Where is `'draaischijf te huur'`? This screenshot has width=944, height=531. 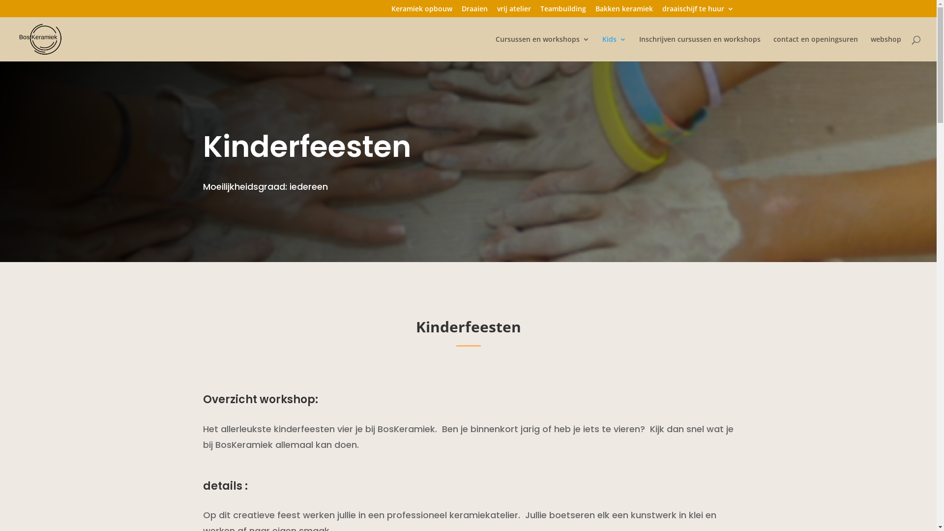
'draaischijf te huur' is located at coordinates (697, 11).